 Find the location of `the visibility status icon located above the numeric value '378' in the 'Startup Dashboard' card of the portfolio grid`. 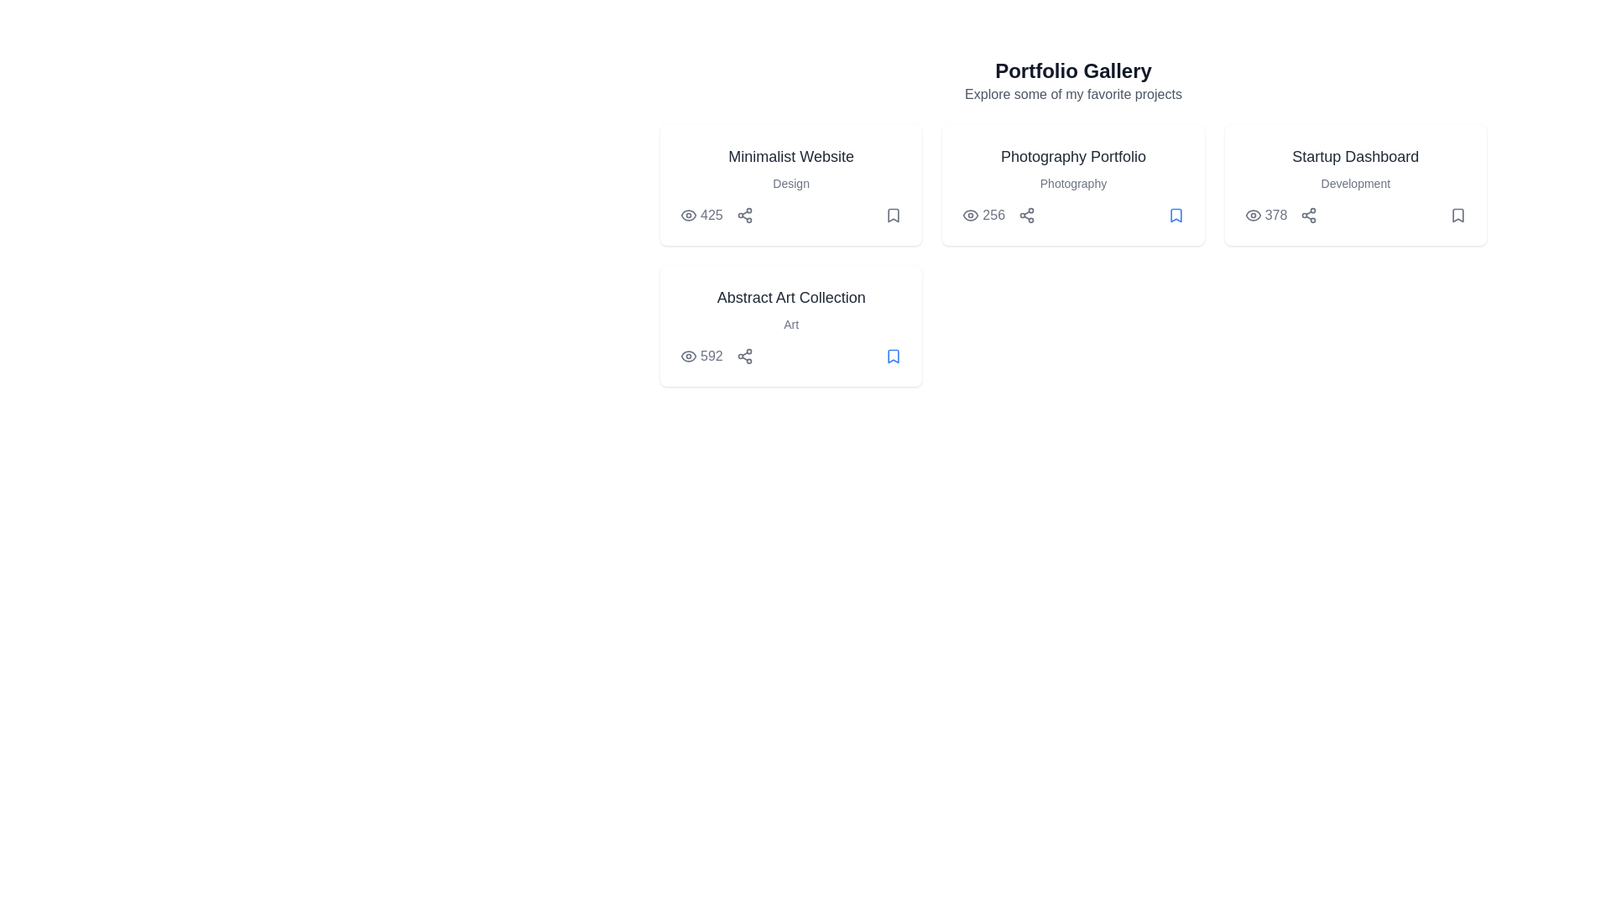

the visibility status icon located above the numeric value '378' in the 'Startup Dashboard' card of the portfolio grid is located at coordinates (1253, 215).